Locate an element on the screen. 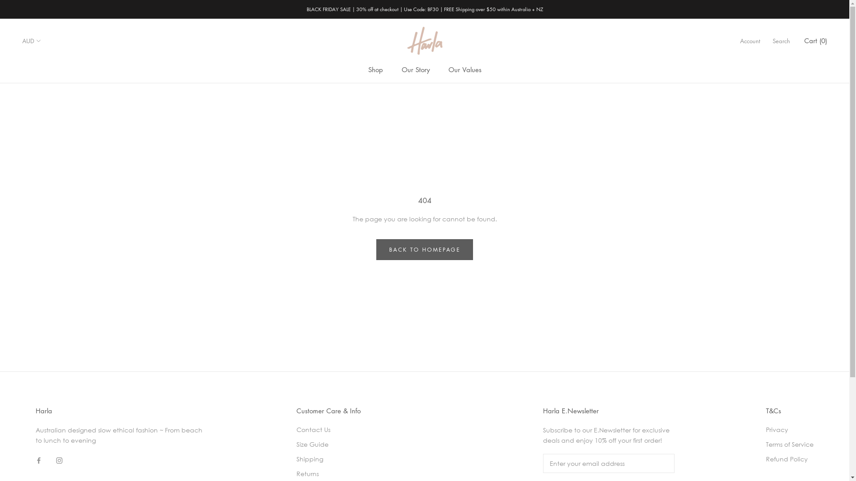  'Refund Policy' is located at coordinates (790, 459).